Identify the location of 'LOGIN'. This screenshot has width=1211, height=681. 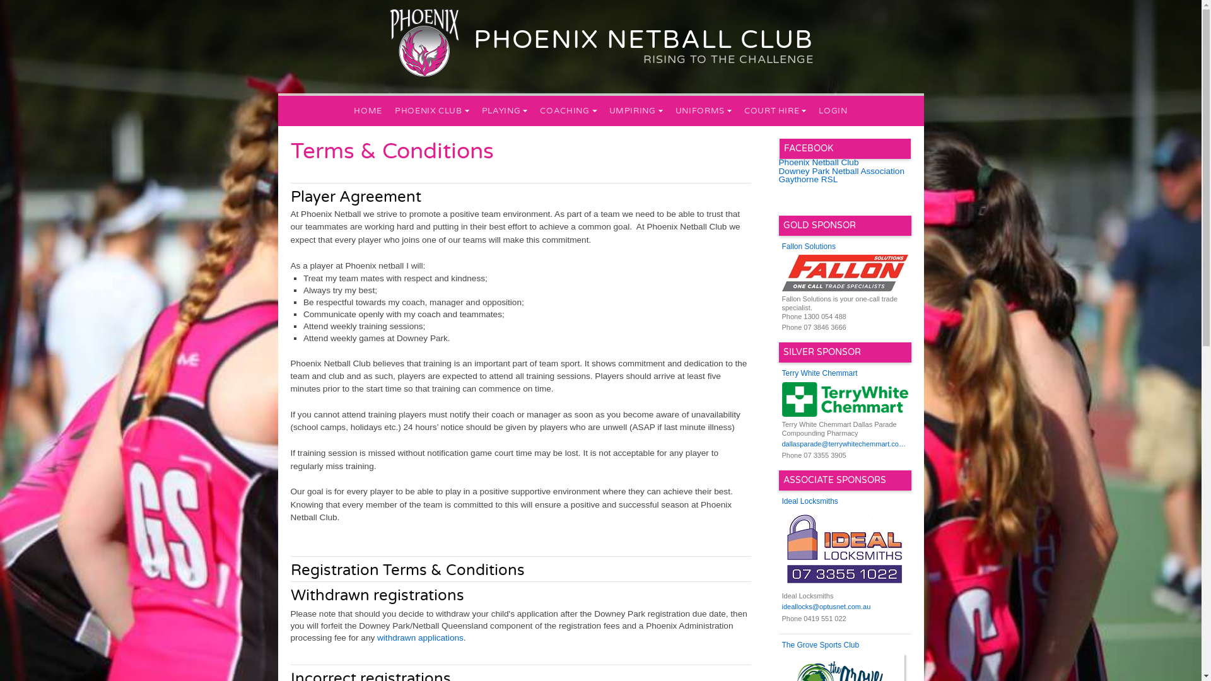
(812, 110).